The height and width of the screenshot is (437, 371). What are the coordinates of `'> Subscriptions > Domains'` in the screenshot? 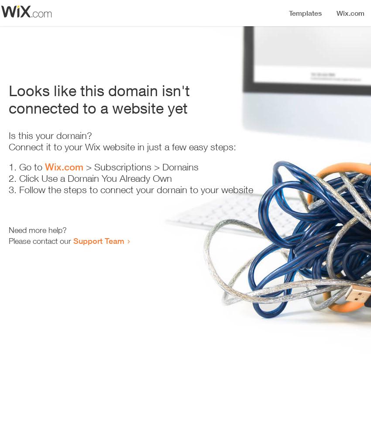 It's located at (141, 167).